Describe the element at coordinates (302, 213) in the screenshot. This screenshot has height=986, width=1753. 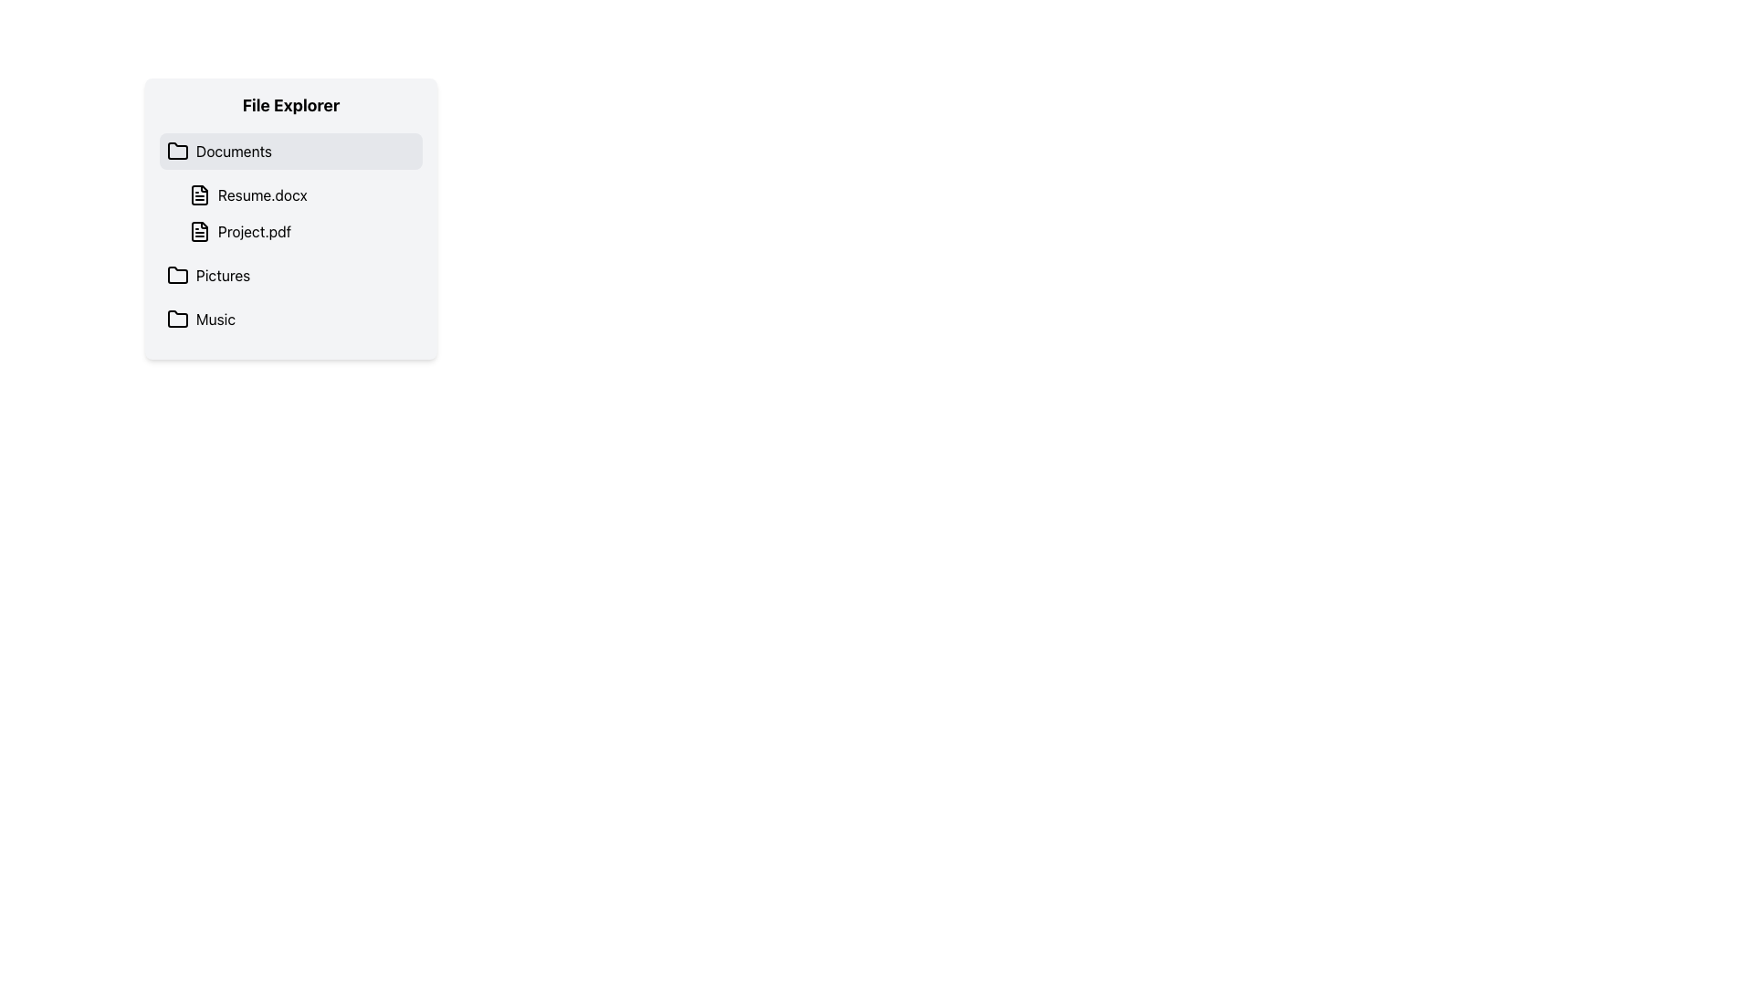
I see `the filename 'Resume.docx' in the Documents folder list item` at that location.